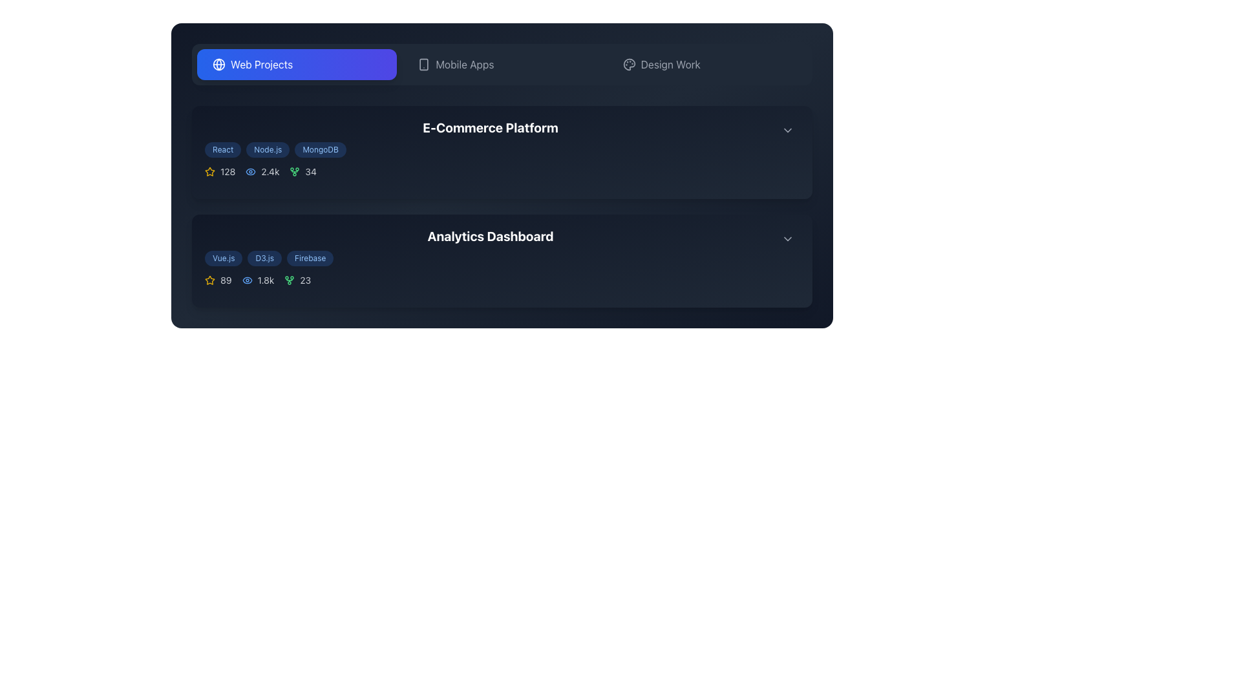  What do you see at coordinates (787, 239) in the screenshot?
I see `the toggle button located on the right of the Analytics Dashboard section to show or hide its content` at bounding box center [787, 239].